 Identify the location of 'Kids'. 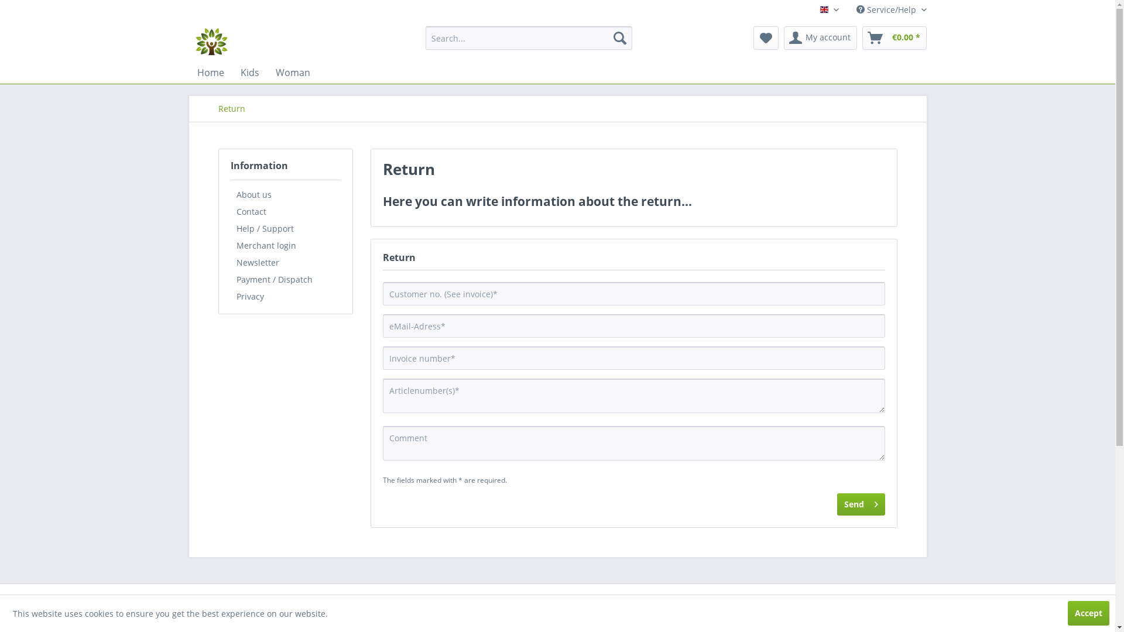
(249, 72).